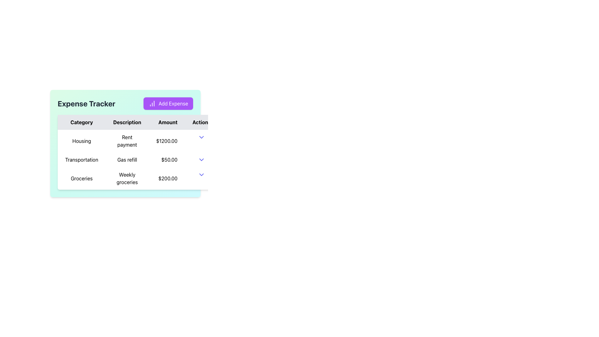 This screenshot has height=337, width=599. What do you see at coordinates (127, 122) in the screenshot?
I see `the 'Description' label, which is styled in bold black text on a light gray background and is the second column header in a table, located between 'Category' and 'Amount'` at bounding box center [127, 122].